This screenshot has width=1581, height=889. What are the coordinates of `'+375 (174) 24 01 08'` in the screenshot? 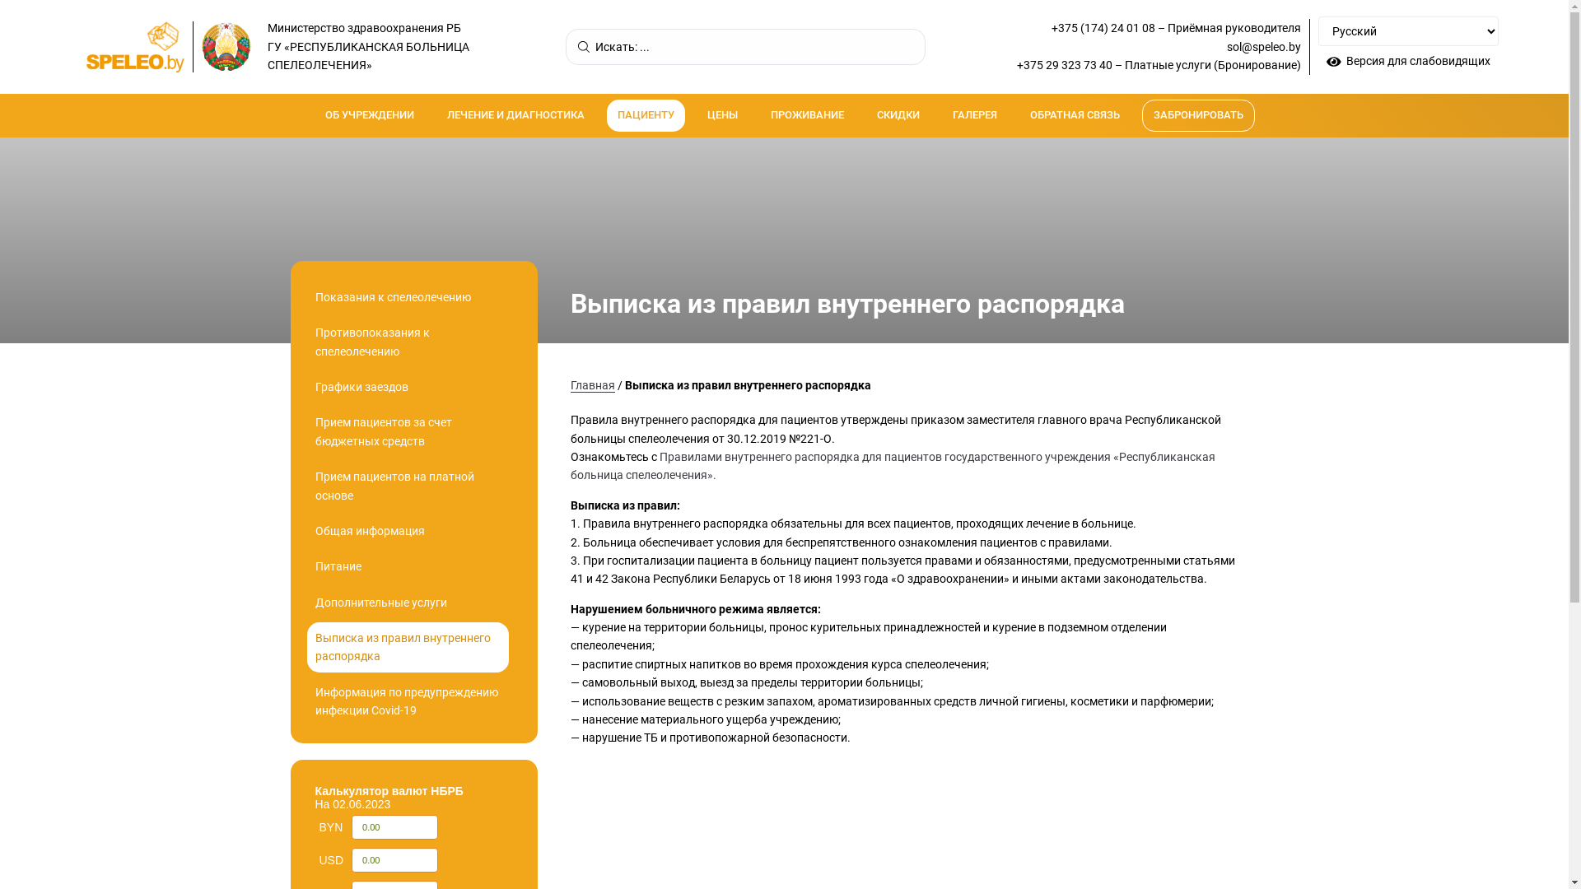 It's located at (1103, 28).